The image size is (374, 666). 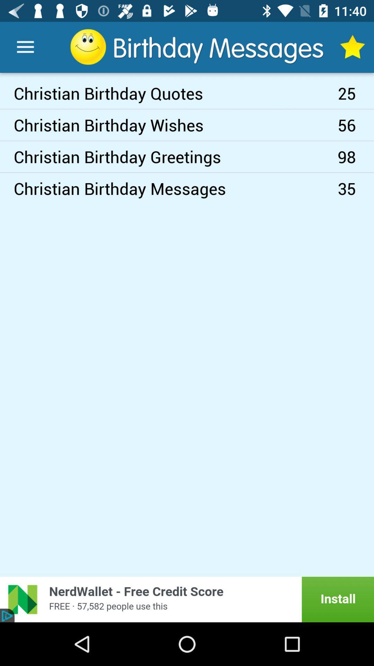 I want to click on icon below christian birthday messages icon, so click(x=187, y=599).